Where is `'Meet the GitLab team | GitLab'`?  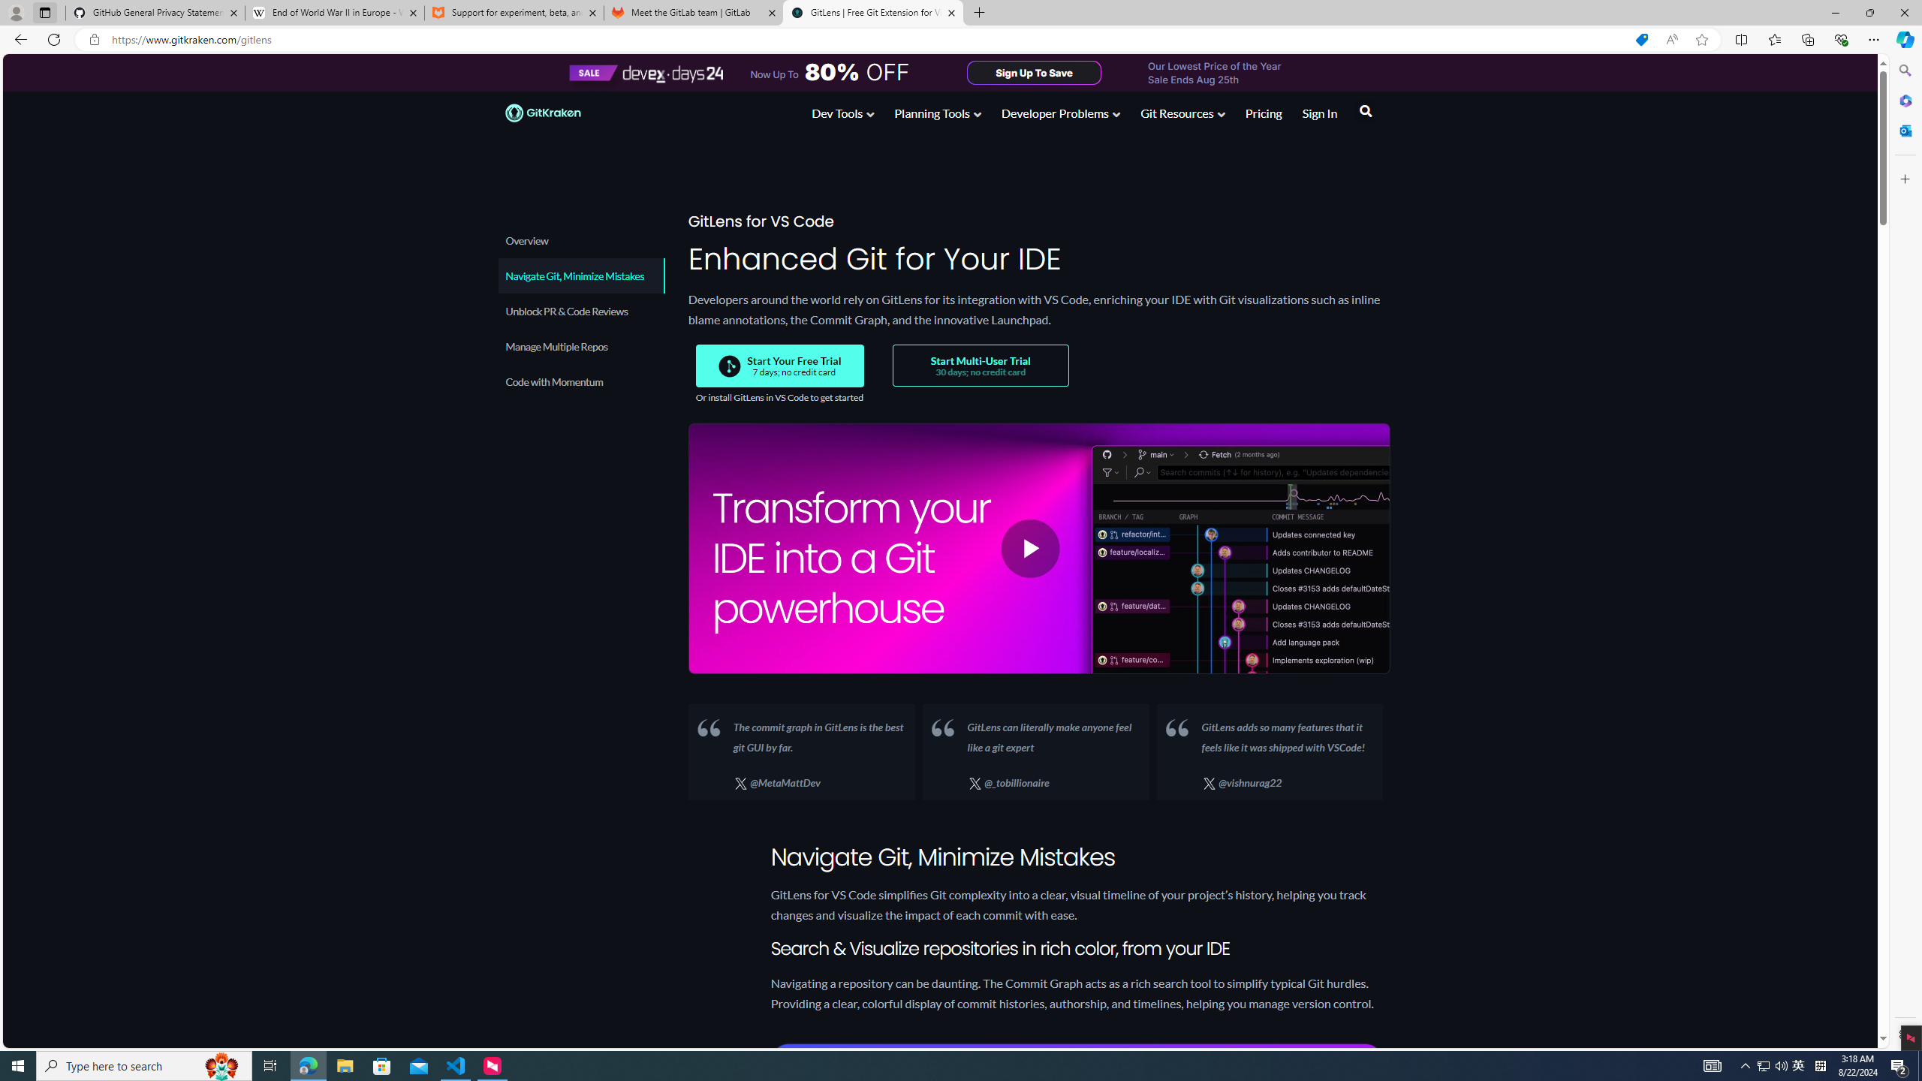
'Meet the GitLab team | GitLab' is located at coordinates (694, 12).